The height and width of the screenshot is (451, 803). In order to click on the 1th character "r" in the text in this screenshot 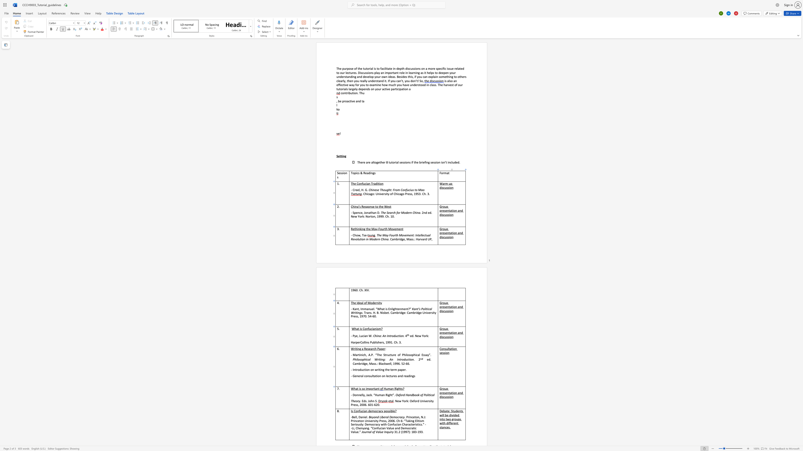, I will do `click(373, 349)`.